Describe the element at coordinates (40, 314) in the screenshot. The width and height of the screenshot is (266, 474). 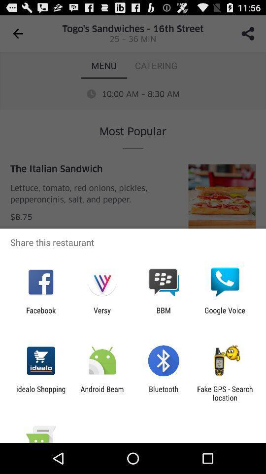
I see `item to the left of versy item` at that location.